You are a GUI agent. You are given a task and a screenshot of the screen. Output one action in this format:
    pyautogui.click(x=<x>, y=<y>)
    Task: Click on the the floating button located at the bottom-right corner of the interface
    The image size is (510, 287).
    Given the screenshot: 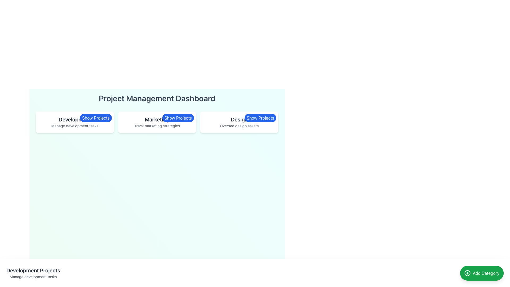 What is the action you would take?
    pyautogui.click(x=482, y=273)
    